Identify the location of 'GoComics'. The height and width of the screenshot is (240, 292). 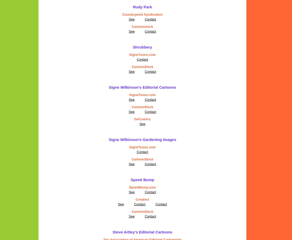
(142, 119).